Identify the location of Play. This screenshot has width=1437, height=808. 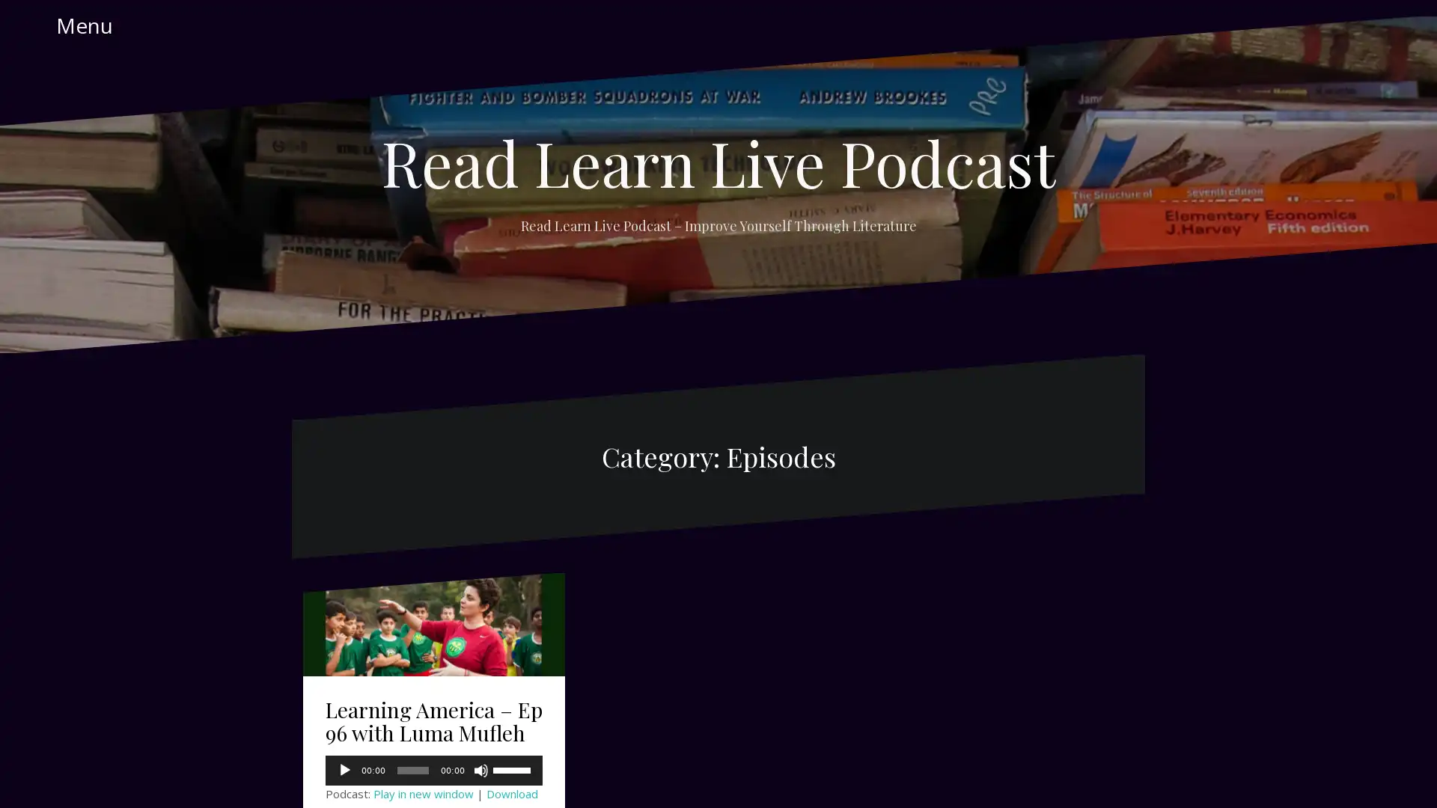
(344, 770).